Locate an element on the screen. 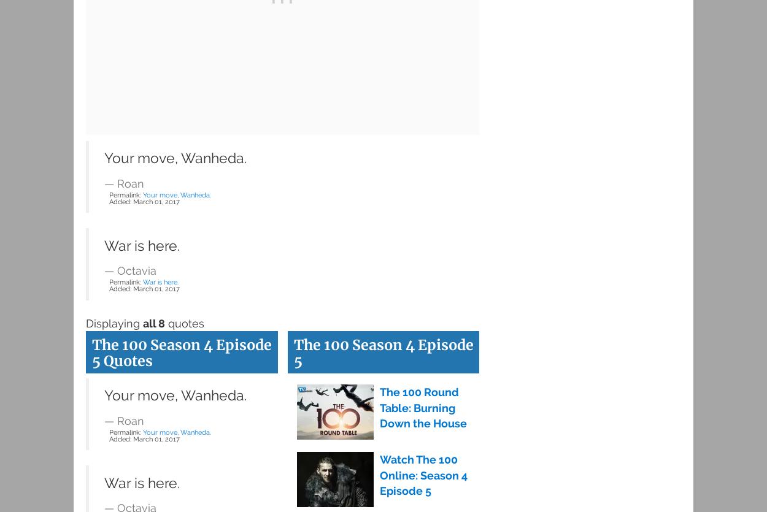  'The 100 Season 4 Episode 5' is located at coordinates (382, 352).